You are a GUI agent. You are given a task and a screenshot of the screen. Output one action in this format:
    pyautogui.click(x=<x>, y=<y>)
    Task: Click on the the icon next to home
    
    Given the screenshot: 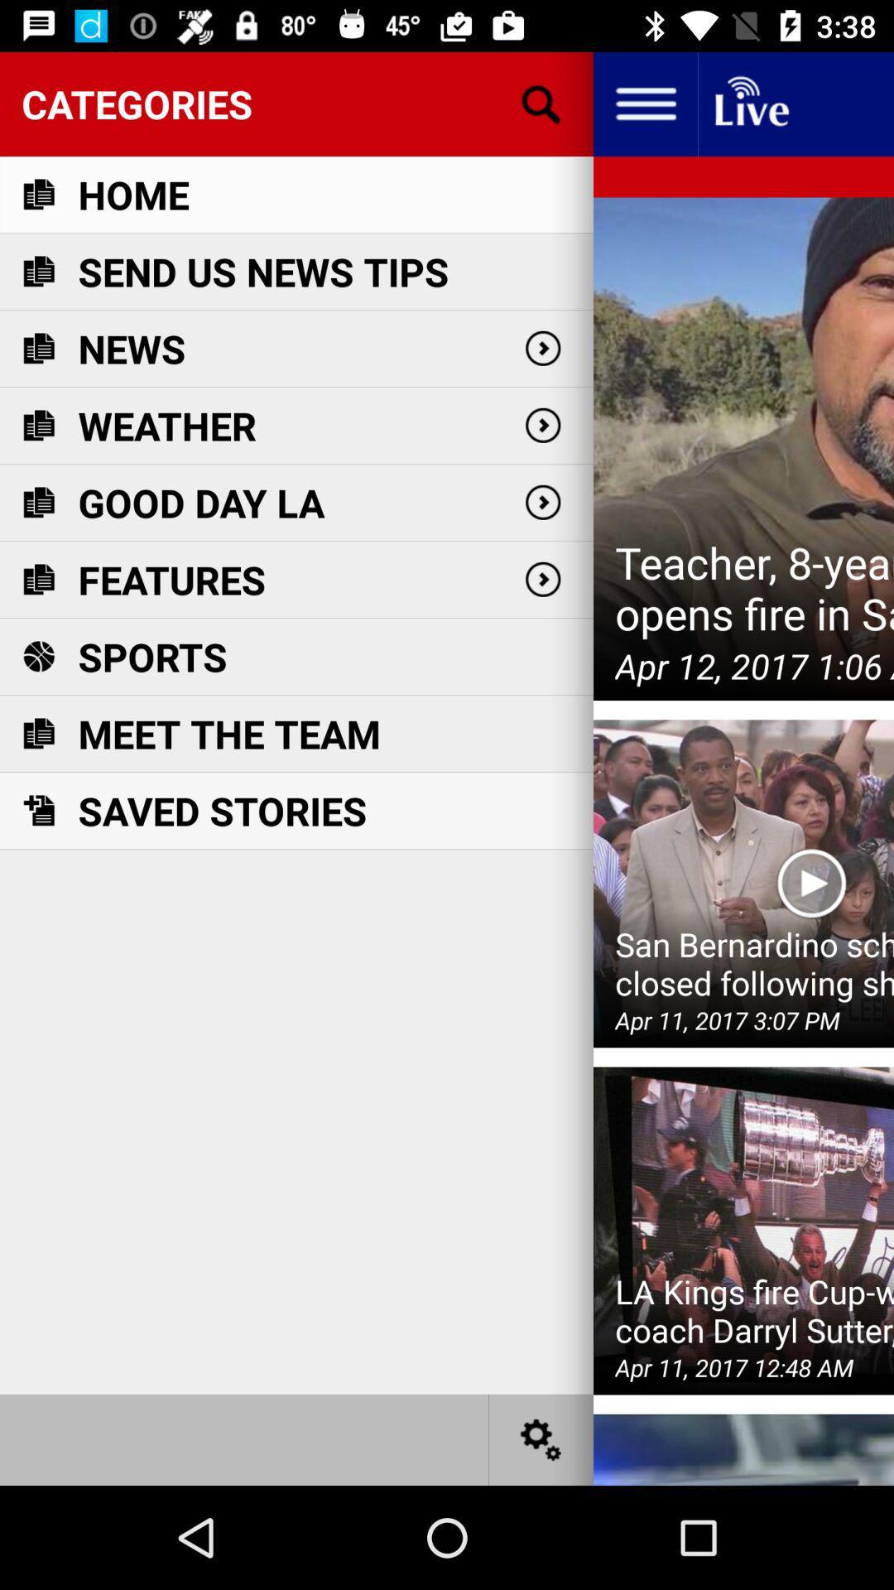 What is the action you would take?
    pyautogui.click(x=541, y=103)
    